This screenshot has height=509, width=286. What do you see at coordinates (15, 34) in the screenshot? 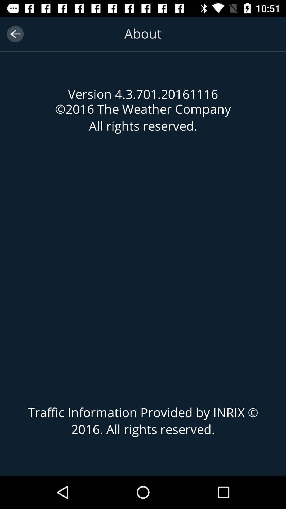
I see `the arrow_backward icon` at bounding box center [15, 34].